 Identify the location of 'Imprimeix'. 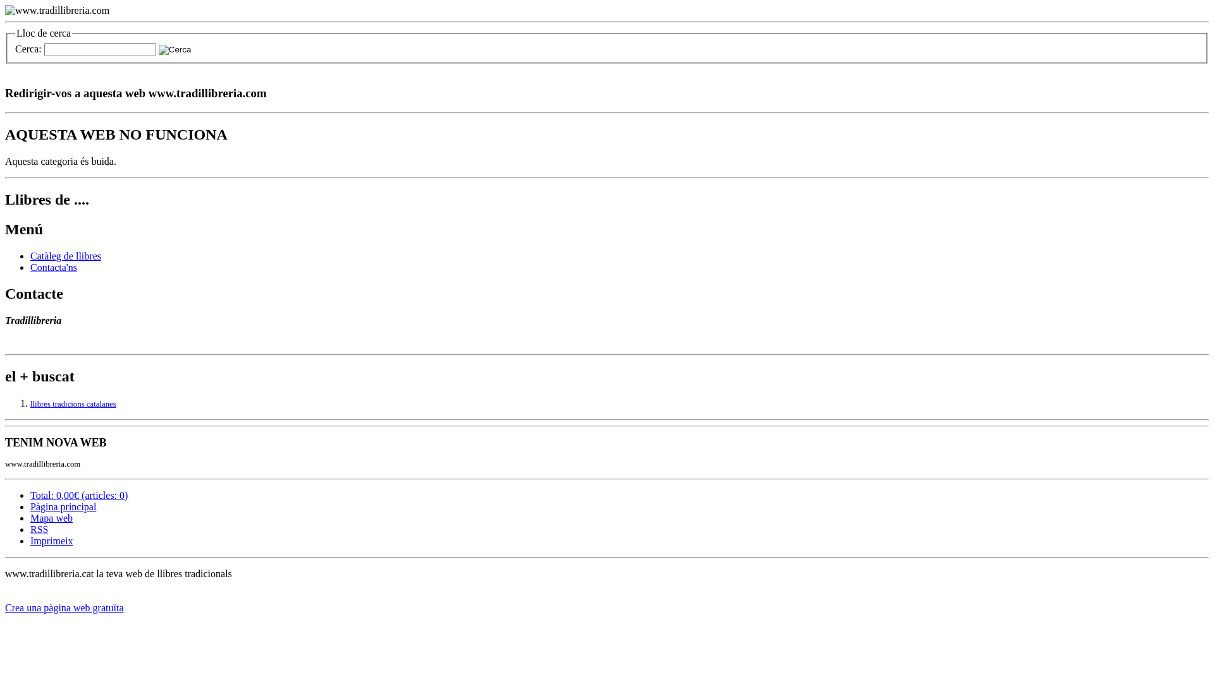
(51, 540).